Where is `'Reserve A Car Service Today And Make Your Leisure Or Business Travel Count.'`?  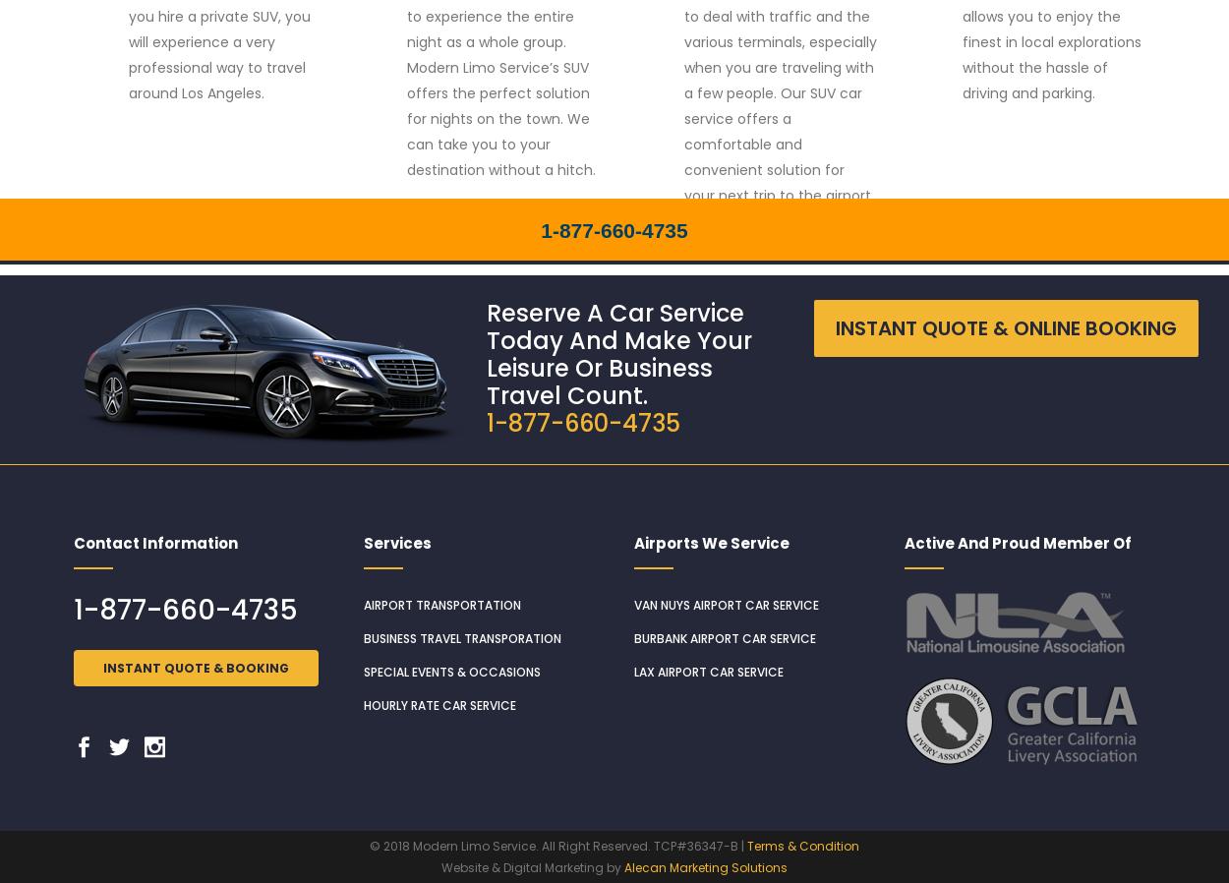 'Reserve A Car Service Today And Make Your Leisure Or Business Travel Count.' is located at coordinates (619, 354).